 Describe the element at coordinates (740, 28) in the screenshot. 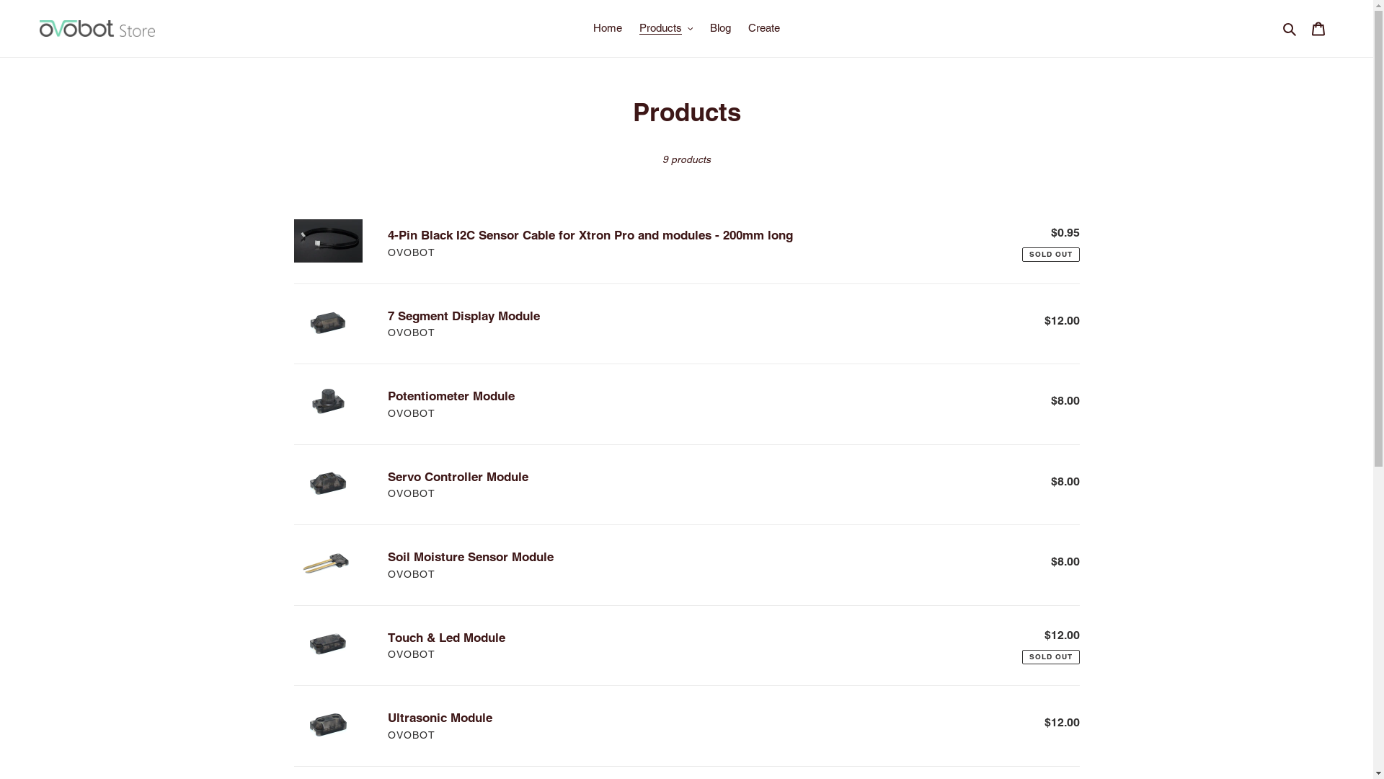

I see `'Create'` at that location.